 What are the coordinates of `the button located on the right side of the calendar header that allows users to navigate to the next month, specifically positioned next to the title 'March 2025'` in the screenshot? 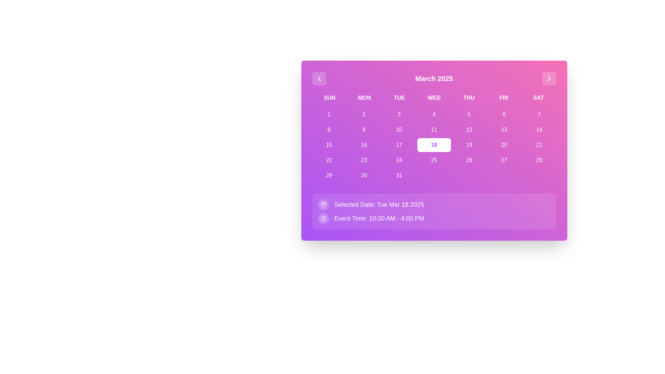 It's located at (549, 78).